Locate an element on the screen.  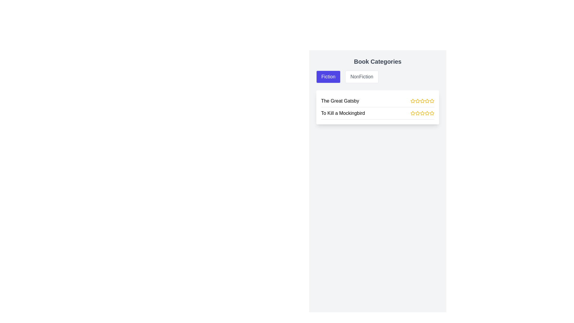
the fifth star icon in the rating group for the book 'To Kill a Mockingbird' to rate it is located at coordinates (432, 113).